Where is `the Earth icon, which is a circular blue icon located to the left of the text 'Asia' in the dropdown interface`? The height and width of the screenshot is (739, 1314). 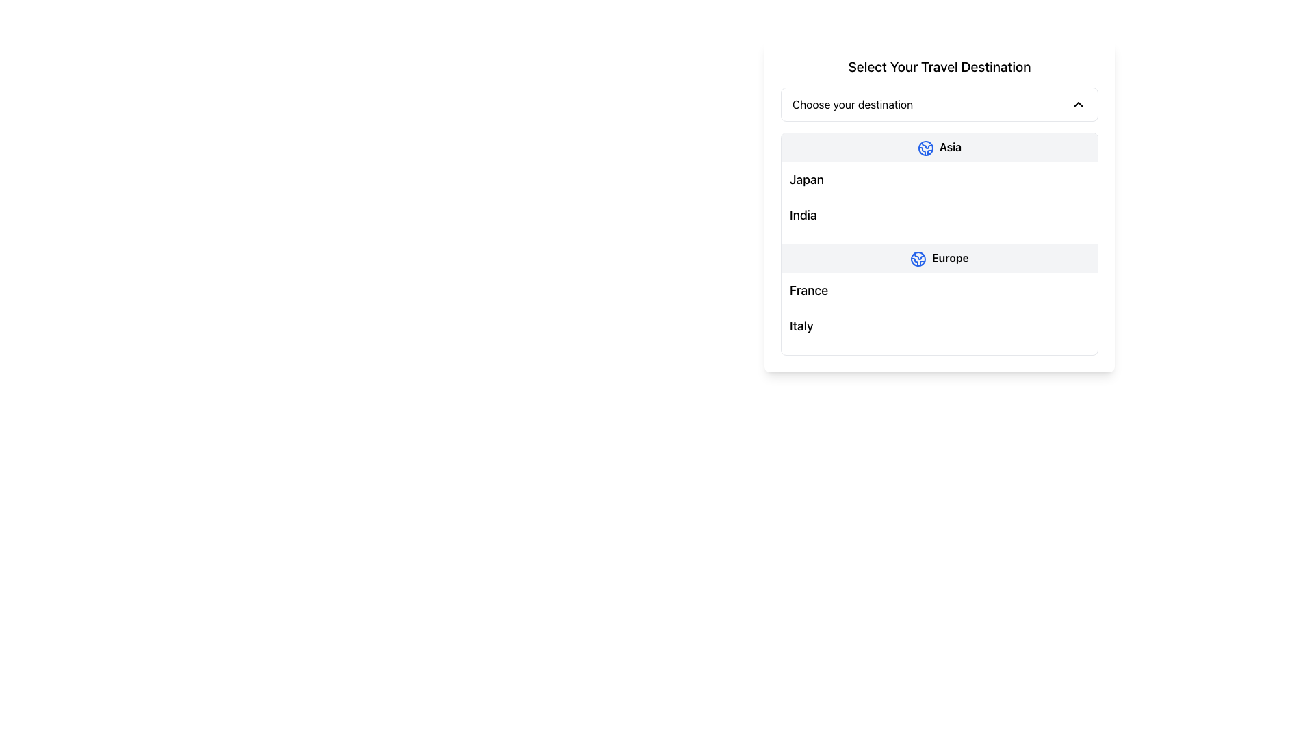 the Earth icon, which is a circular blue icon located to the left of the text 'Asia' in the dropdown interface is located at coordinates (925, 148).